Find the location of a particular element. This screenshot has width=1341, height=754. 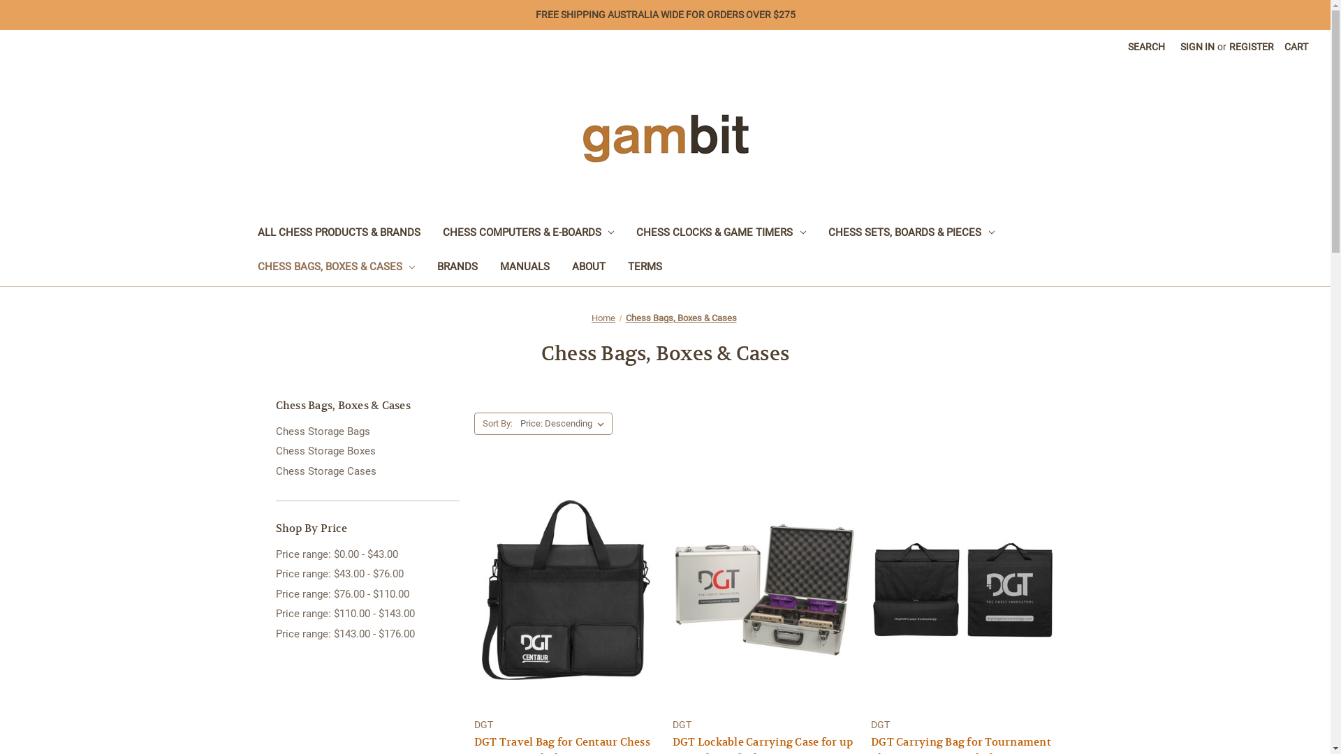

'CHESS COMPUTERS & E-BOARDS' is located at coordinates (528, 233).